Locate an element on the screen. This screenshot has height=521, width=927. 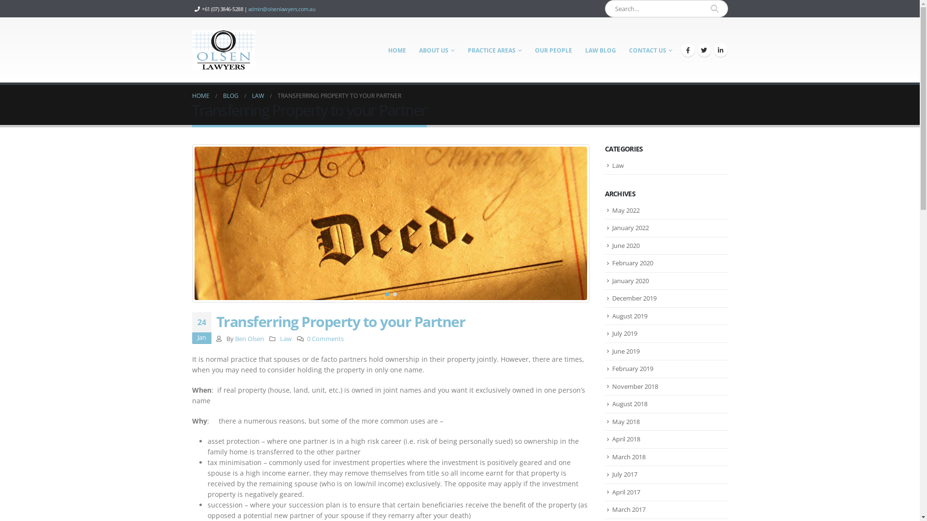
'August 2018' is located at coordinates (630, 404).